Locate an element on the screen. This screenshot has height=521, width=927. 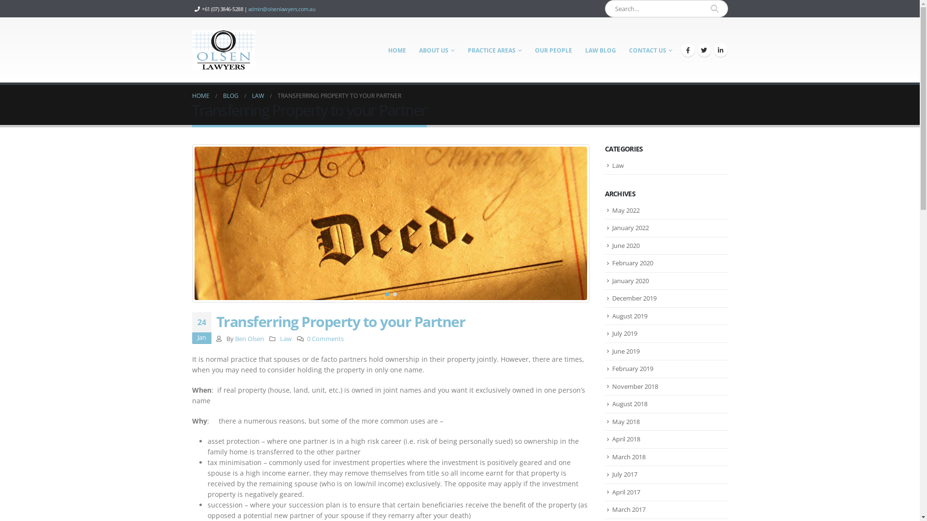
'August 2018' is located at coordinates (630, 404).